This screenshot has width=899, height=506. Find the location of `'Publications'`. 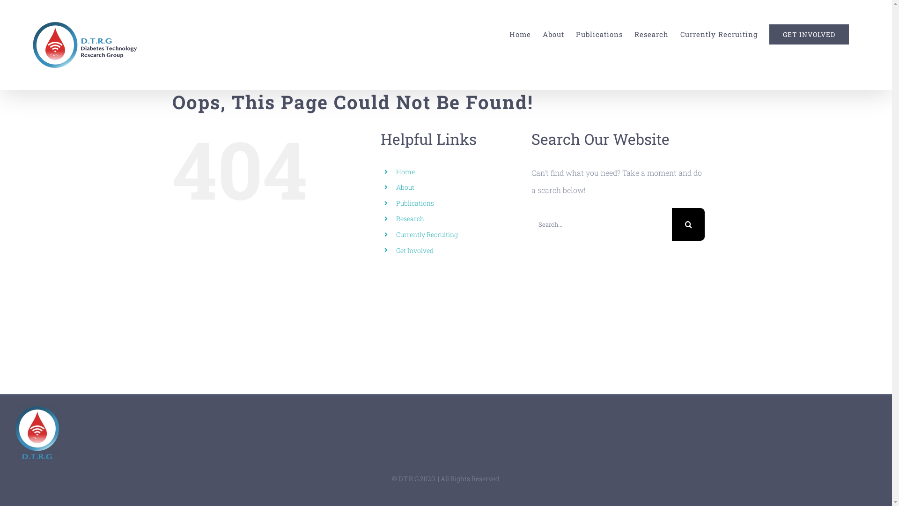

'Publications' is located at coordinates (599, 34).